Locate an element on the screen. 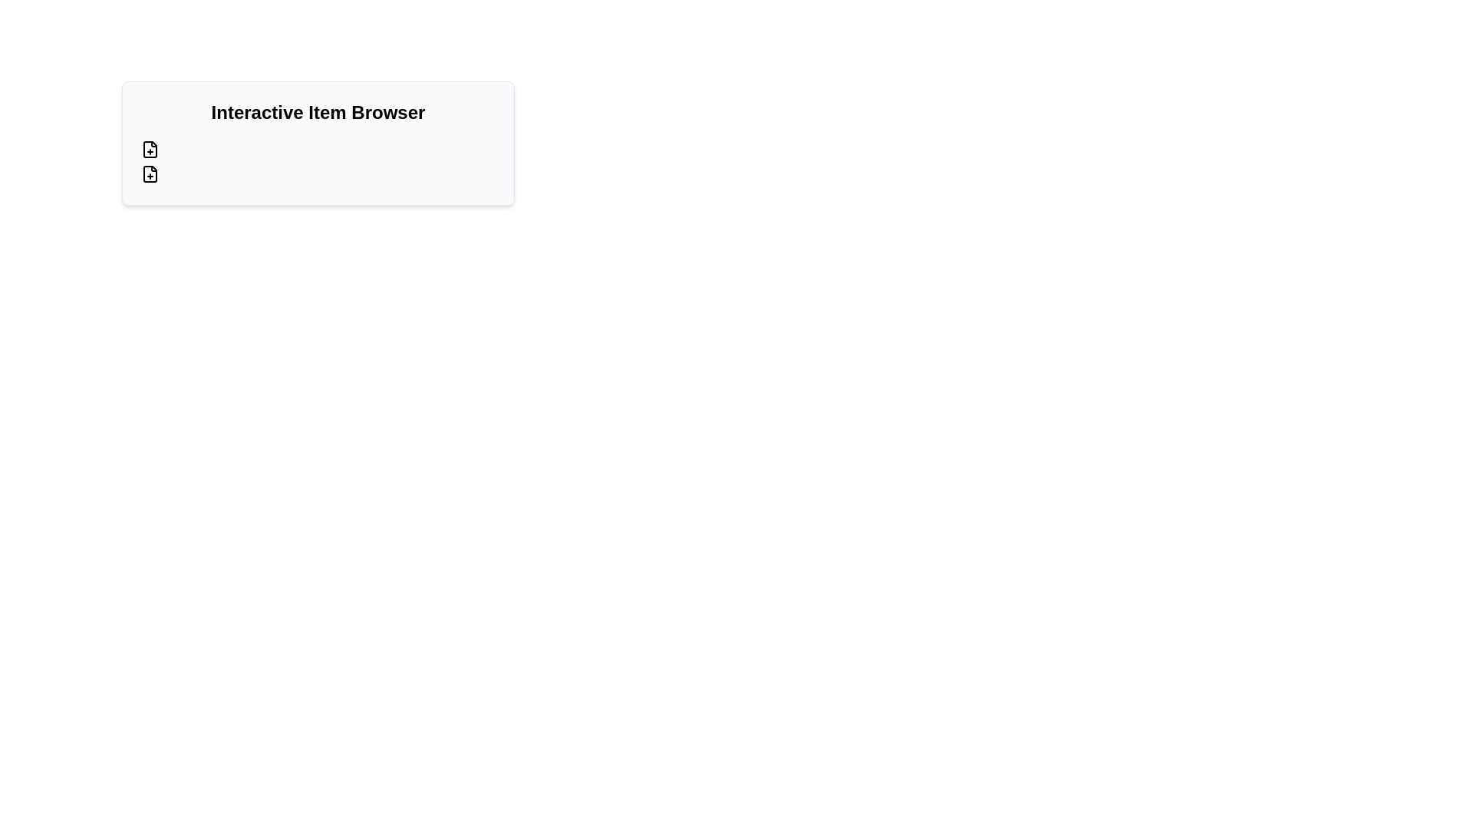 The height and width of the screenshot is (829, 1473). the first icon resembling a document with a plus sign overlay in the Interactive Item Browser is located at coordinates (150, 173).